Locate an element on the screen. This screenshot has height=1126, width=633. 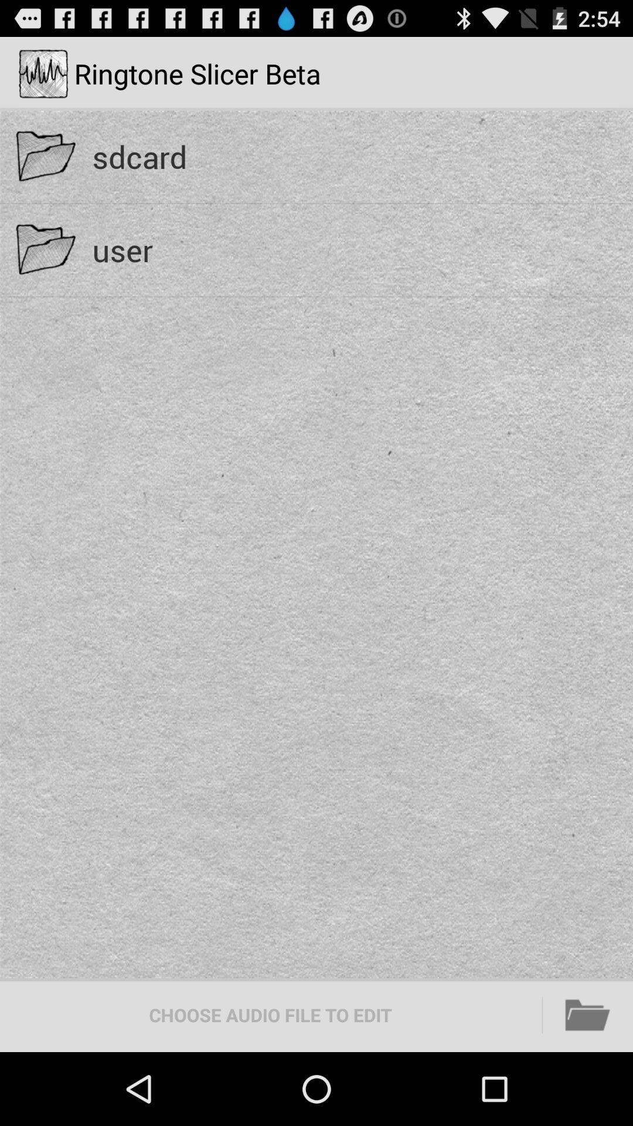
choose audio file is located at coordinates (270, 1015).